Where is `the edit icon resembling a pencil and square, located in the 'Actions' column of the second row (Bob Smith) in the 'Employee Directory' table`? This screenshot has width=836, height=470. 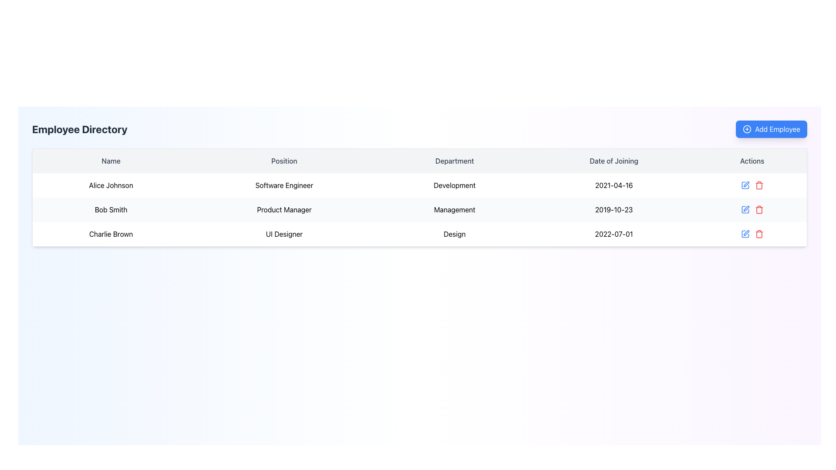 the edit icon resembling a pencil and square, located in the 'Actions' column of the second row (Bob Smith) in the 'Employee Directory' table is located at coordinates (745, 210).